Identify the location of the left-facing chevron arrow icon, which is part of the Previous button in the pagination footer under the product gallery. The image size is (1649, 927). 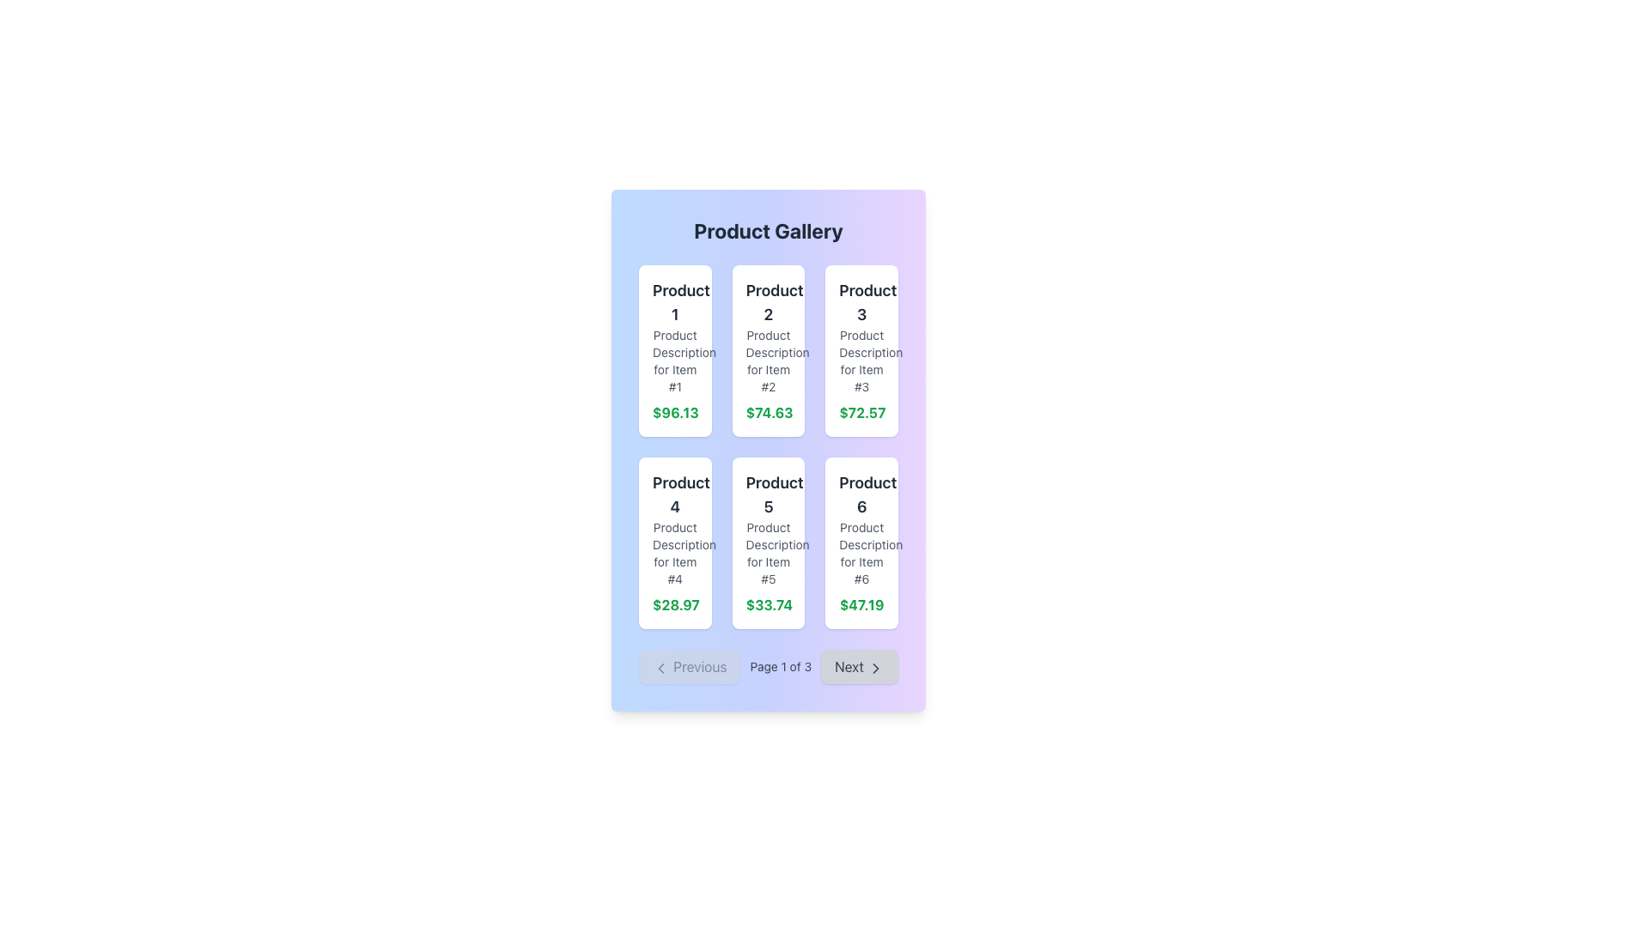
(660, 667).